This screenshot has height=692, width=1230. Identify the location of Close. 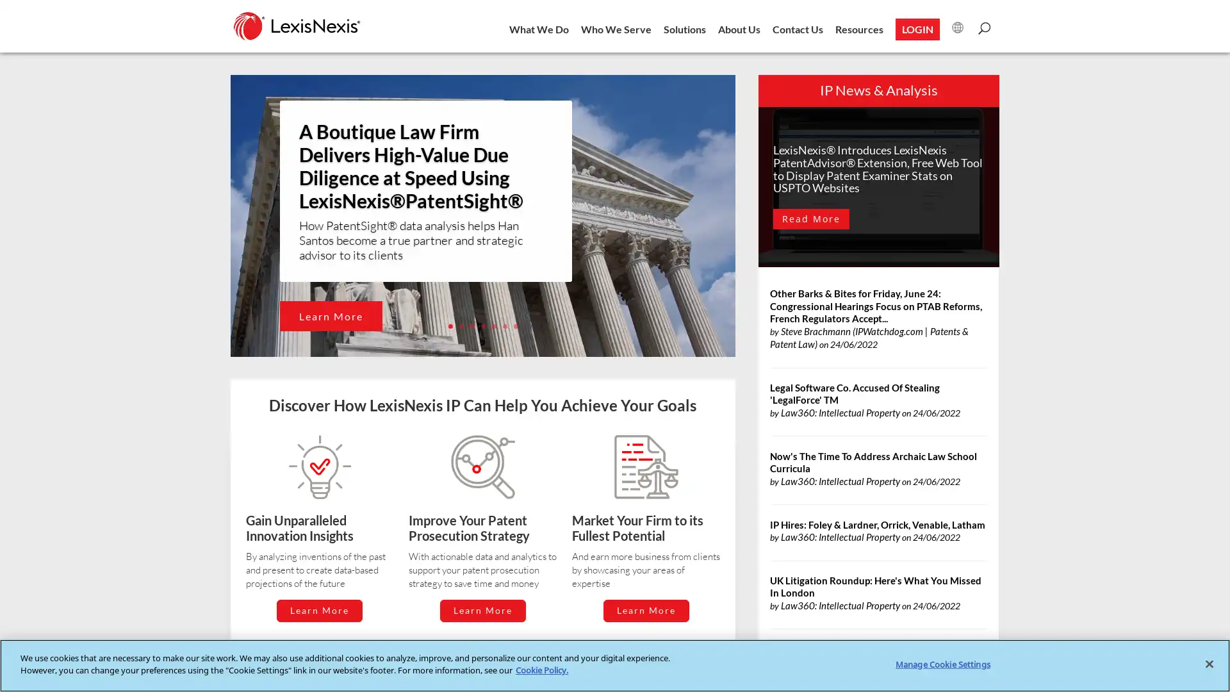
(1208, 663).